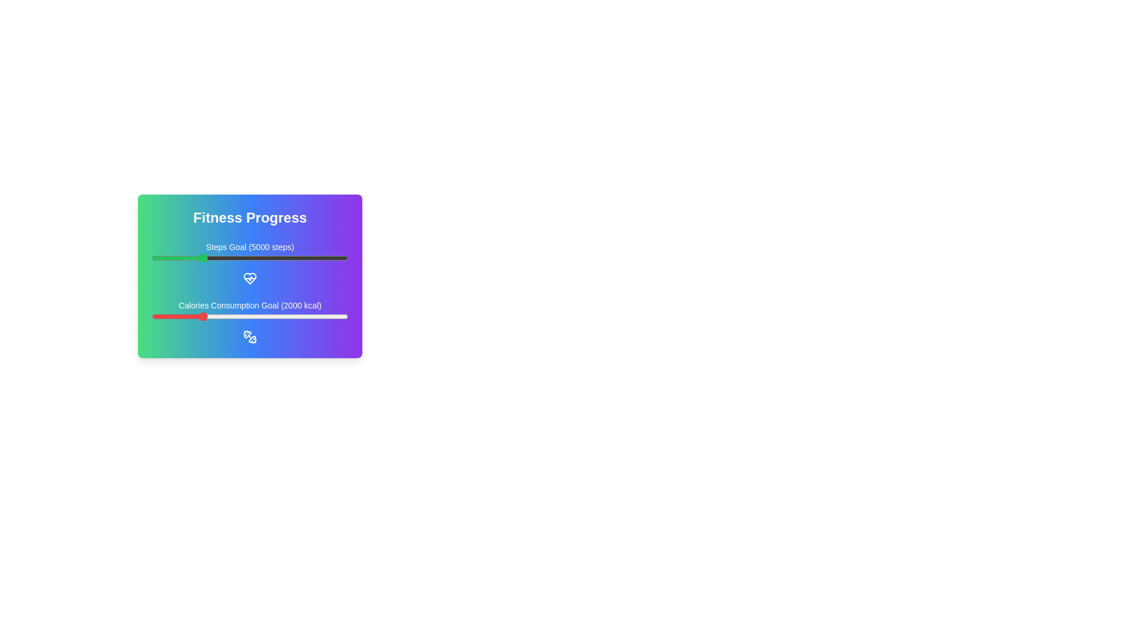 The image size is (1122, 631). Describe the element at coordinates (249, 322) in the screenshot. I see `the slider track of the 'Calories Consumption Goal (2000 kcal)' to jump to a specific value` at that location.